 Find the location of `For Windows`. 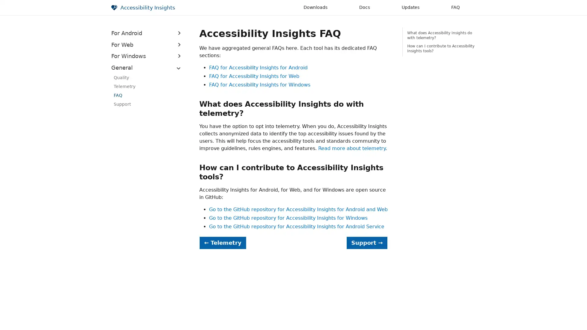

For Windows is located at coordinates (148, 56).